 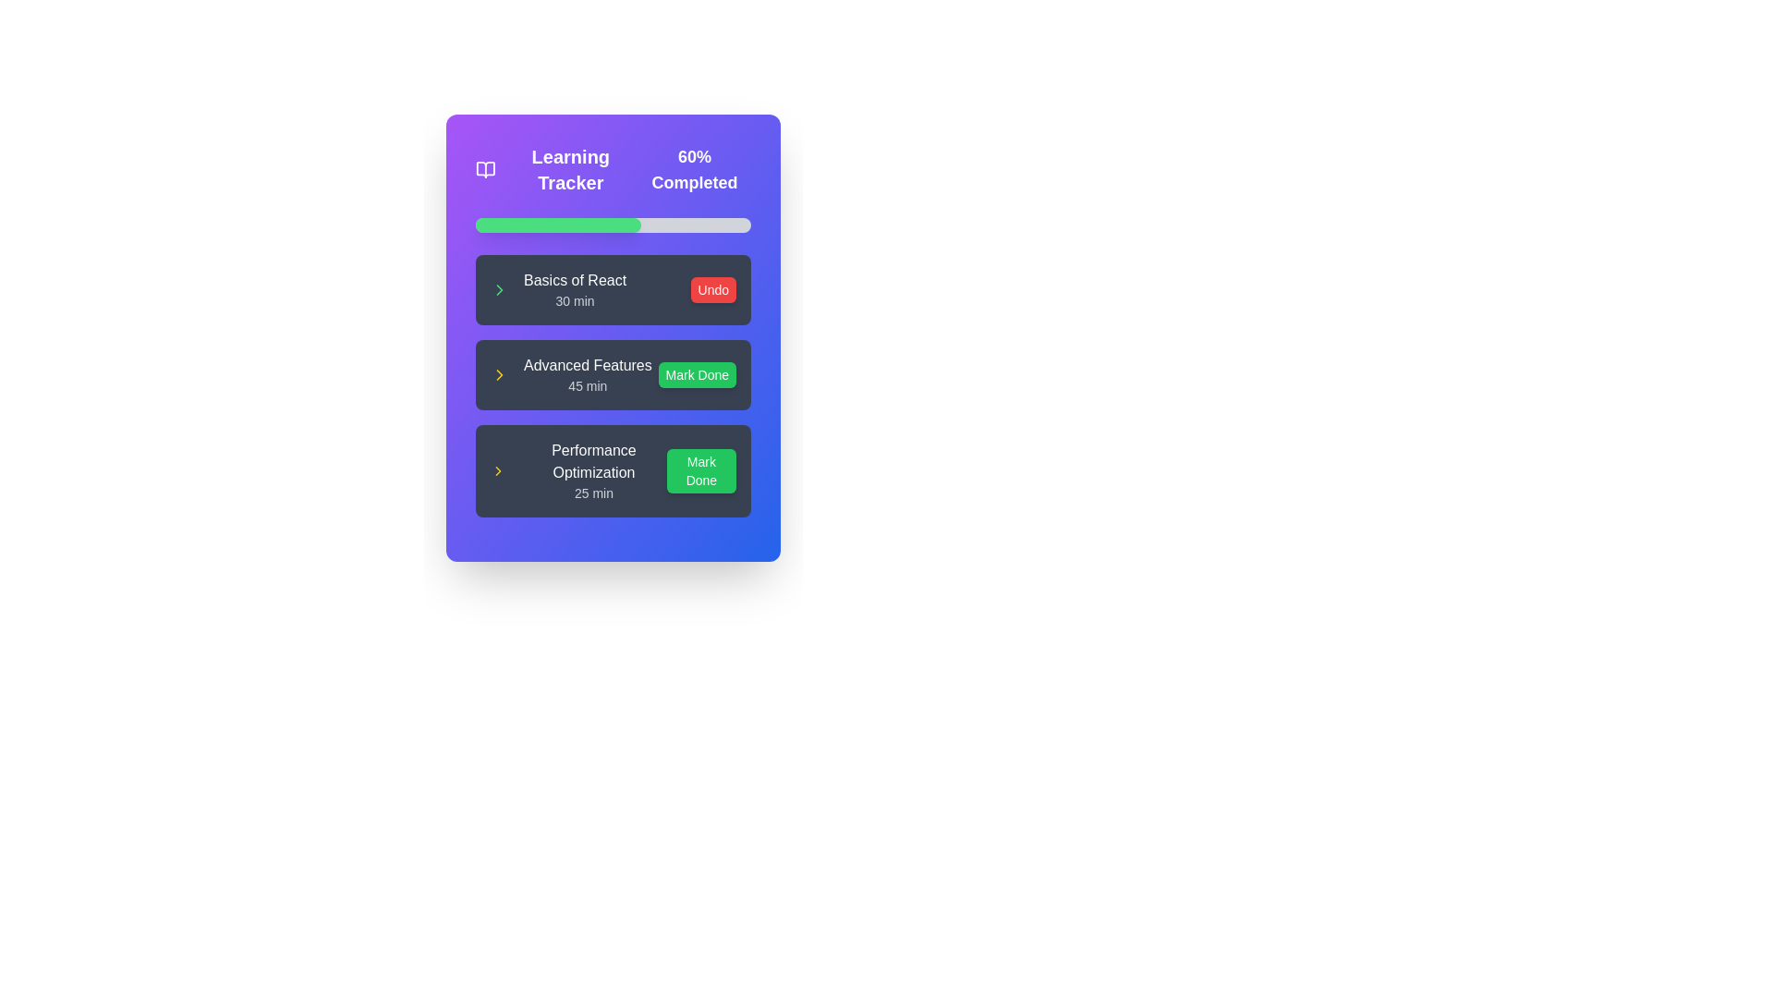 I want to click on the Text Display and Icon Group featuring 'Basics of React' in bold and '30 min' beneath it, alongside a green chevron icon, so click(x=557, y=289).